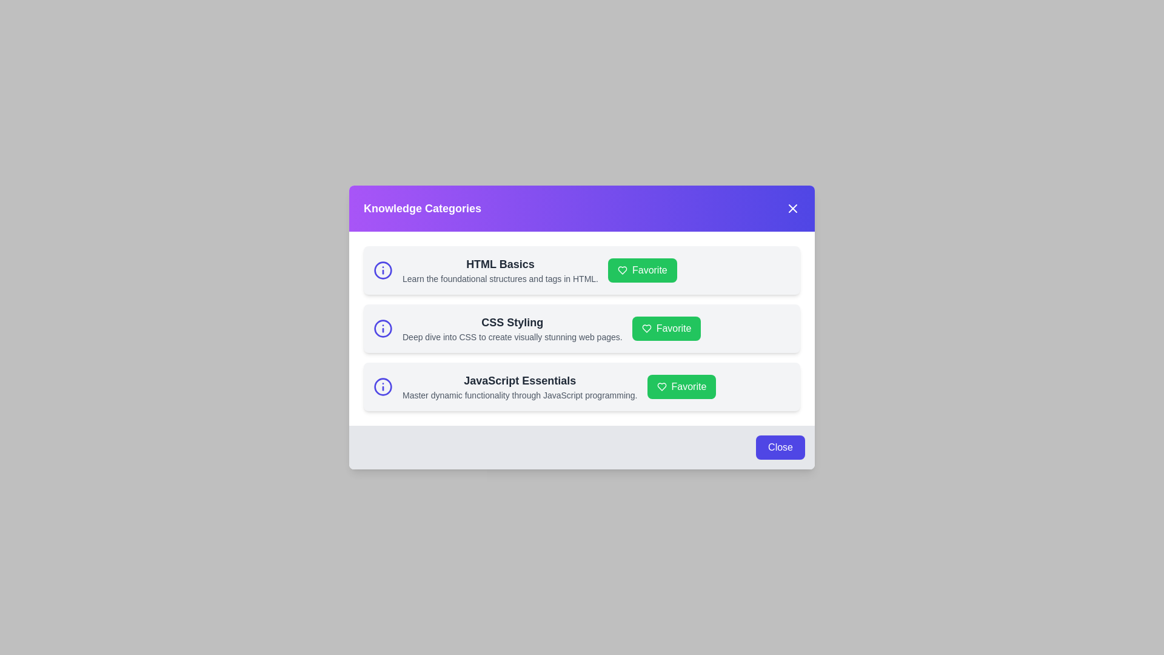 The width and height of the screenshot is (1164, 655). I want to click on the text label displaying 'JavaScript Essentials' in bold, larger font within the 'Knowledge Categories' modal dialog, so click(520, 380).